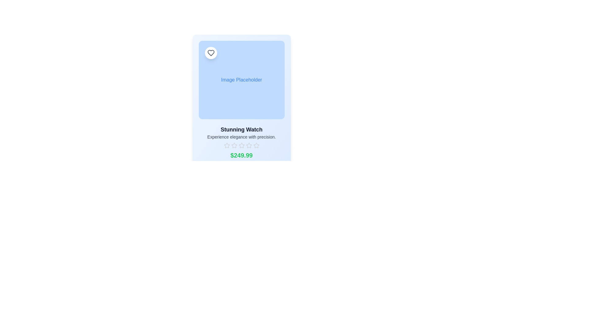 Image resolution: width=589 pixels, height=331 pixels. I want to click on the heart icon located at the top-left corner of the card, so click(211, 53).